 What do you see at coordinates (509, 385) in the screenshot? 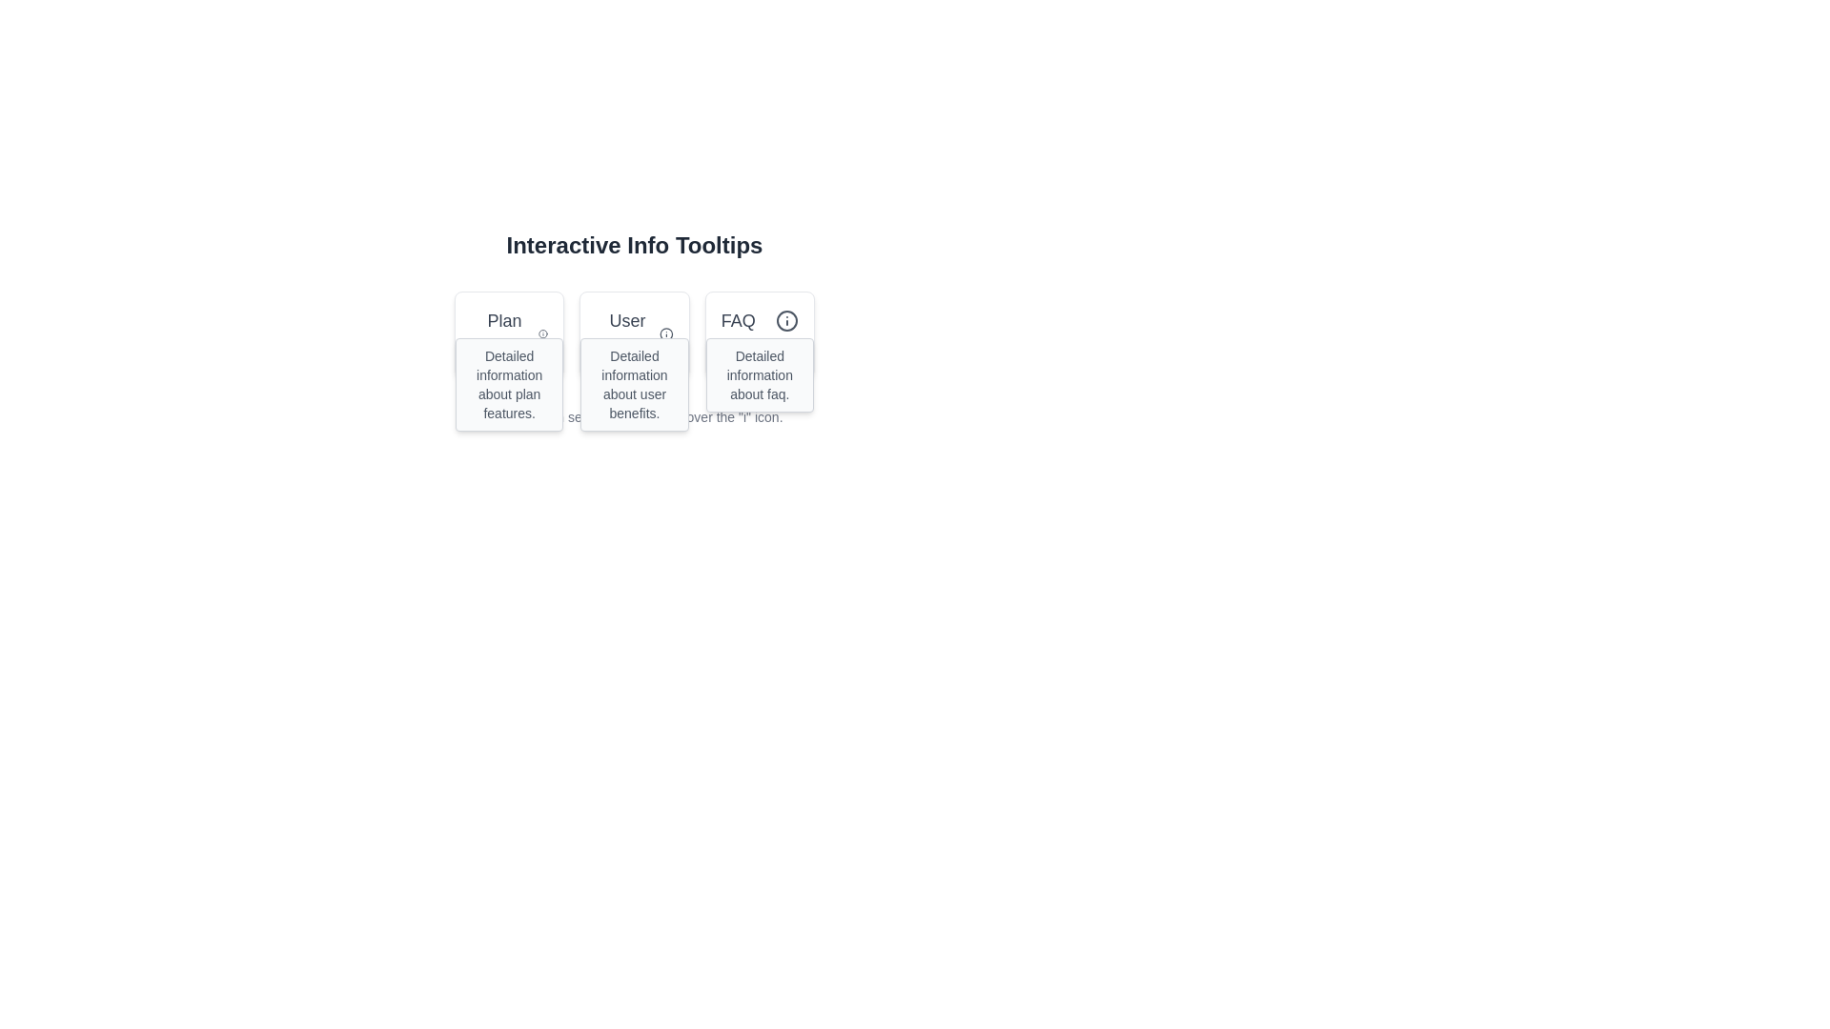
I see `informational text from the tooltip located below the 'Plan' title, centered within the tooltip box` at bounding box center [509, 385].